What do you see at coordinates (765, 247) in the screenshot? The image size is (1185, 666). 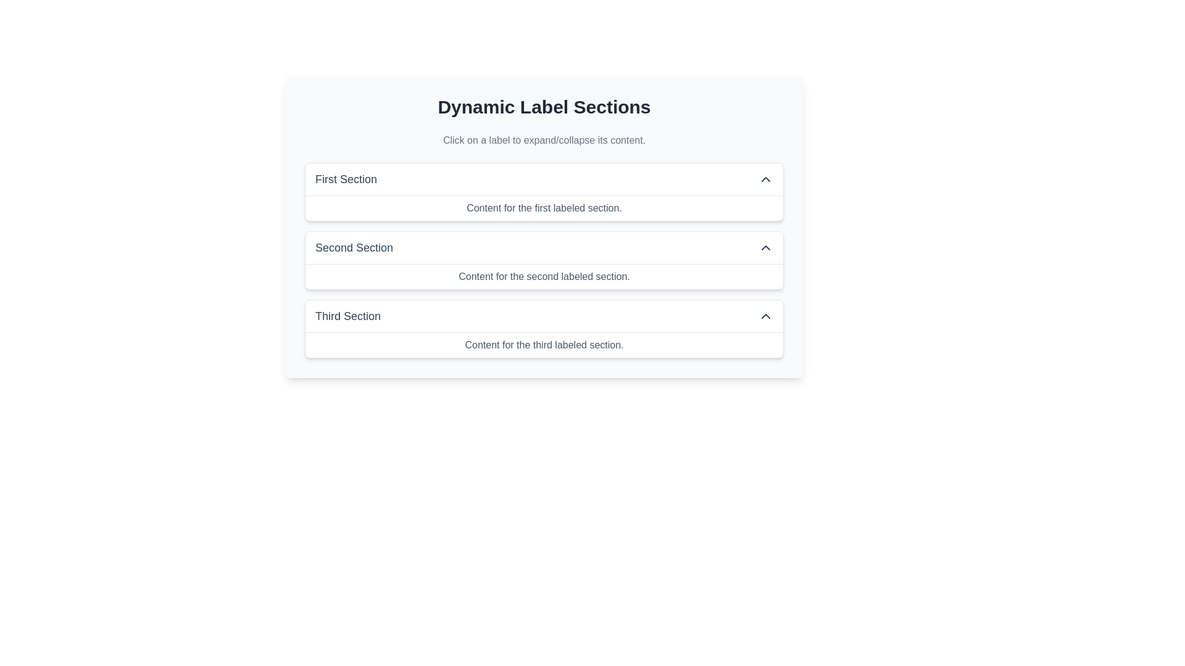 I see `the upwards-pointing chevron icon located at the far right of the 'Second Section' header` at bounding box center [765, 247].